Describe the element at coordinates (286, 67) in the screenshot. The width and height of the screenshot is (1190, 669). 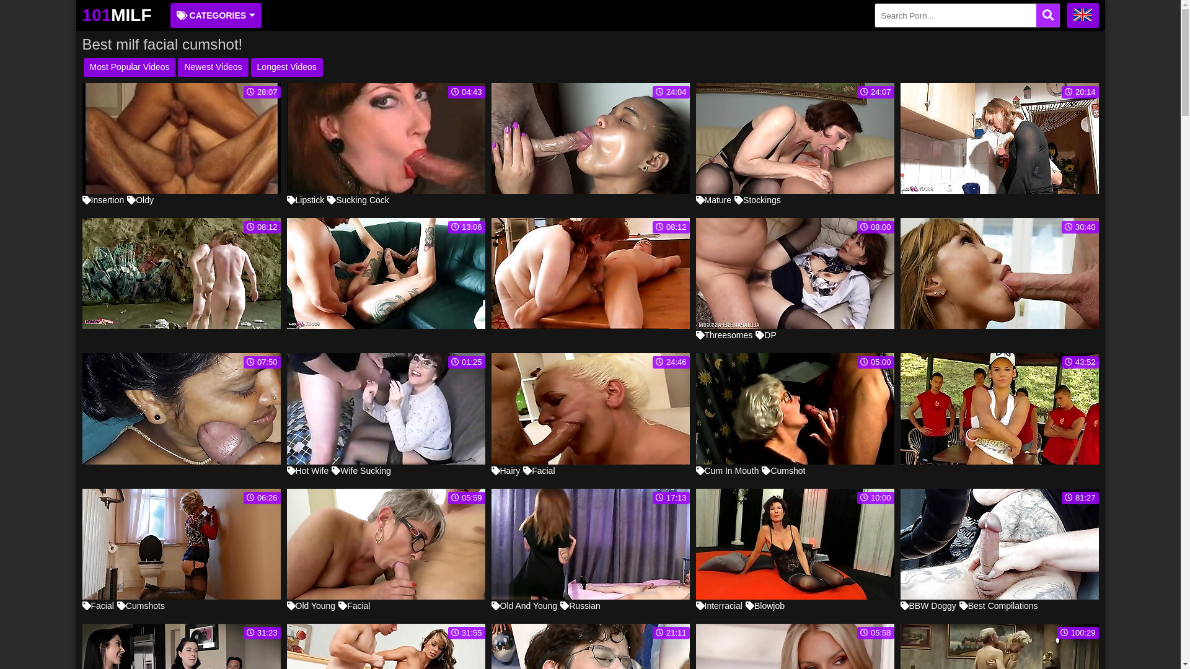
I see `'Longest Videos'` at that location.